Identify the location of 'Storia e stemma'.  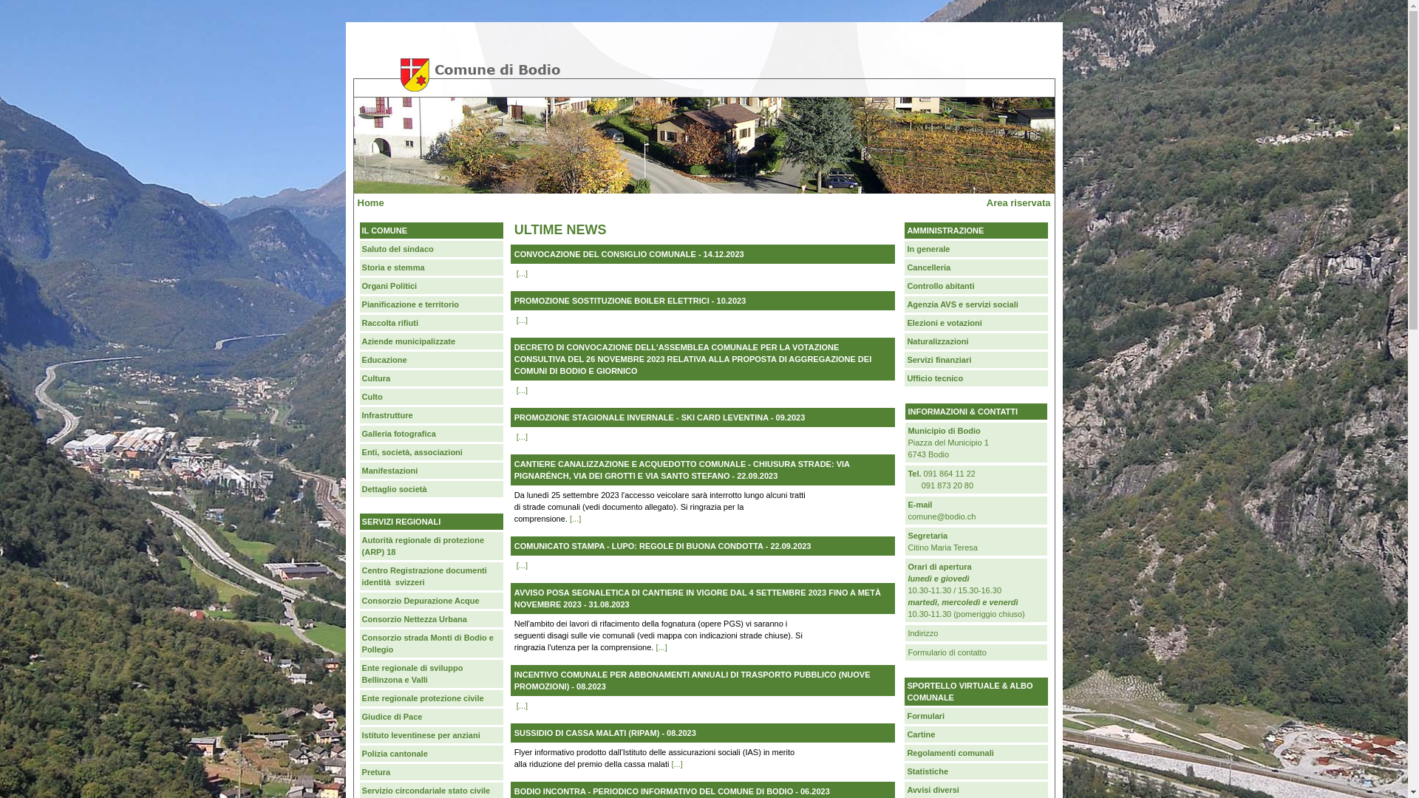
(431, 267).